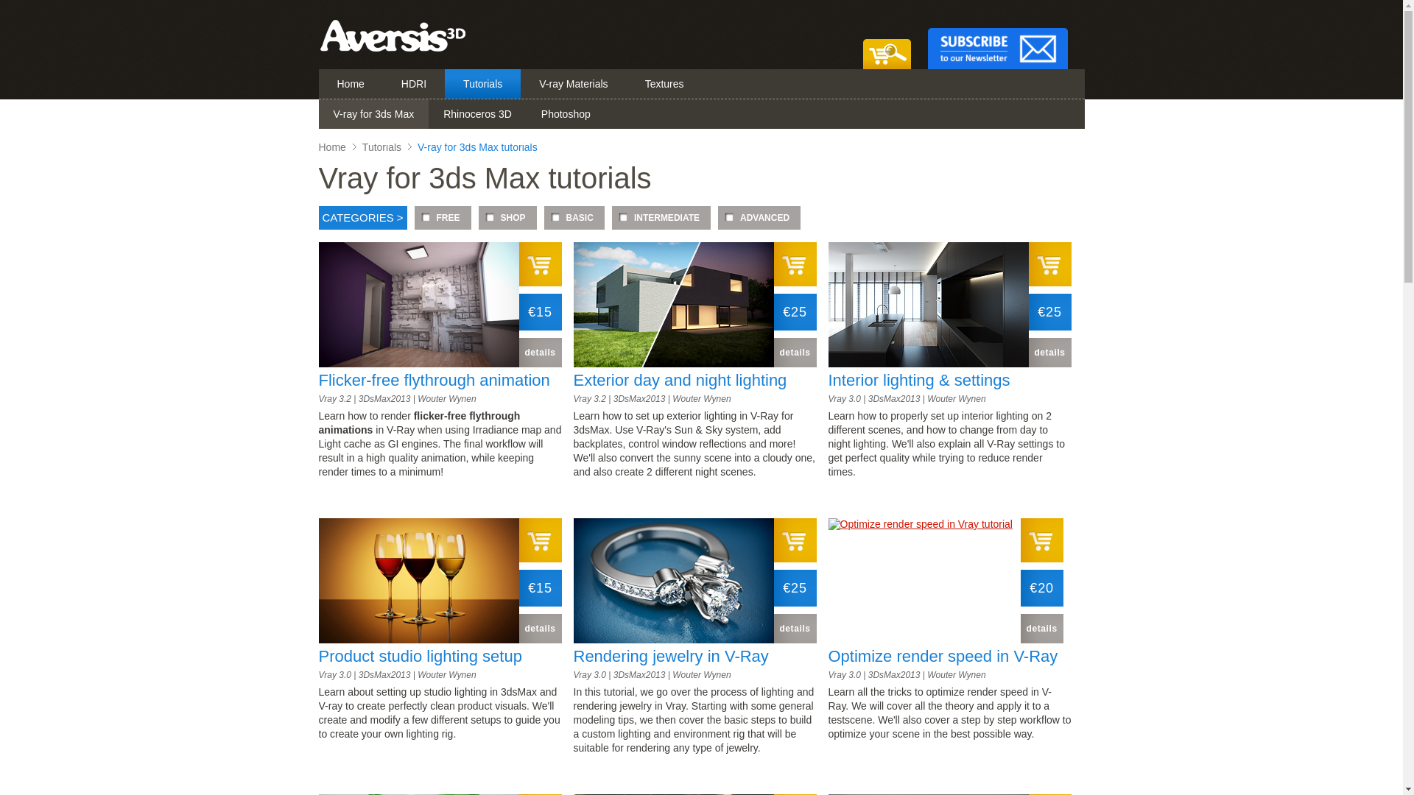 The image size is (1414, 795). Describe the element at coordinates (678, 379) in the screenshot. I see `'Exterior day and night lighting'` at that location.